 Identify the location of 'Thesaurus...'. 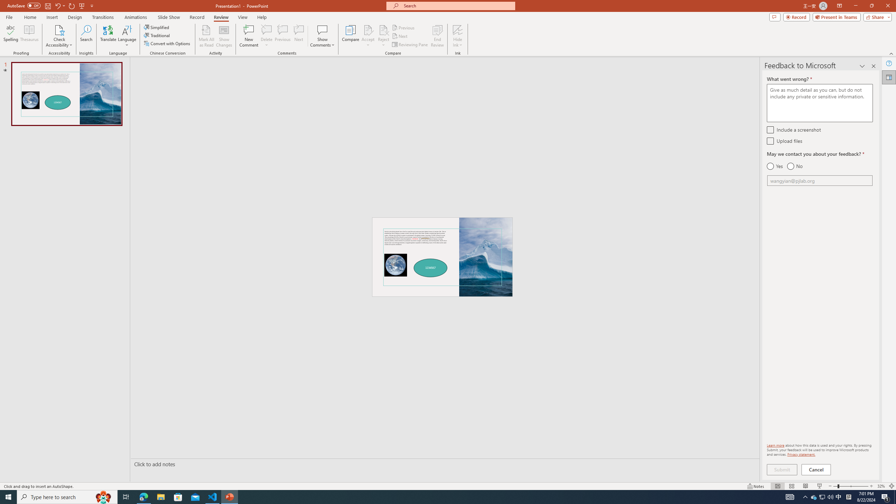
(29, 36).